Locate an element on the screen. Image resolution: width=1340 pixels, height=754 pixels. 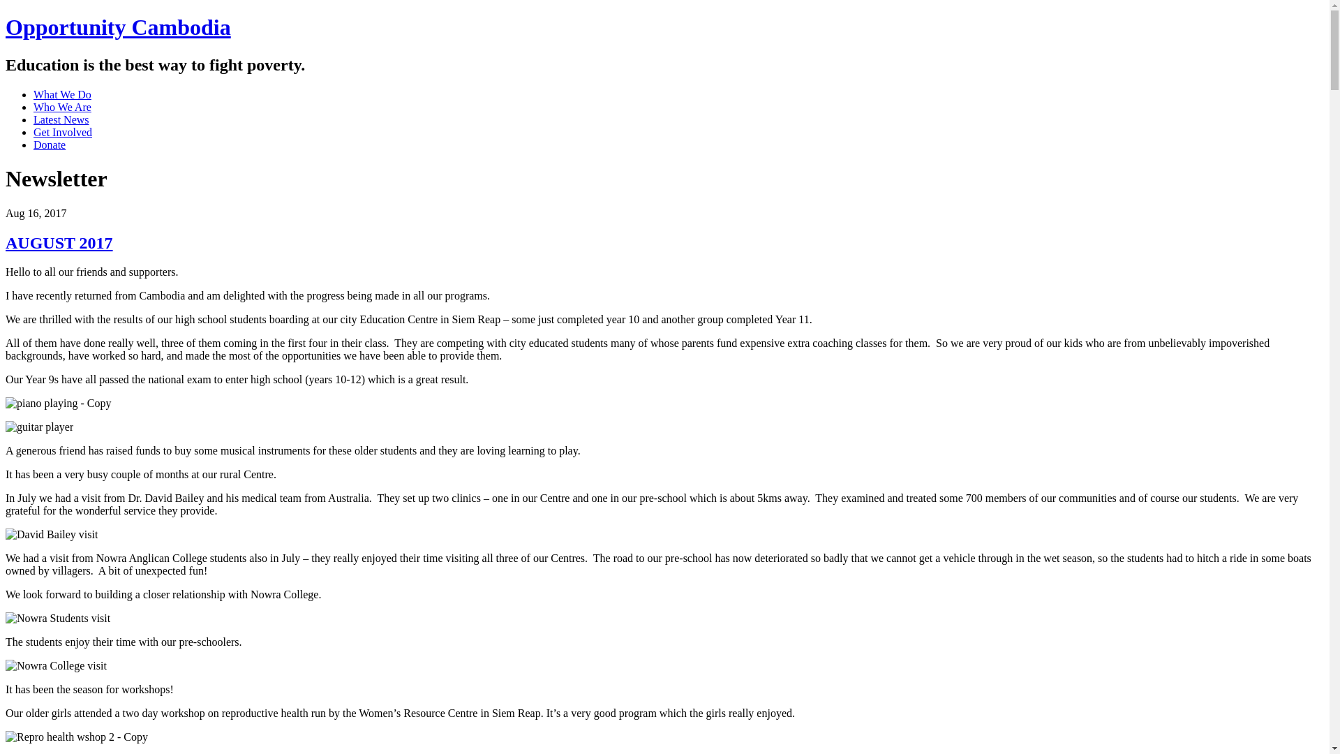
'Donate' is located at coordinates (50, 145).